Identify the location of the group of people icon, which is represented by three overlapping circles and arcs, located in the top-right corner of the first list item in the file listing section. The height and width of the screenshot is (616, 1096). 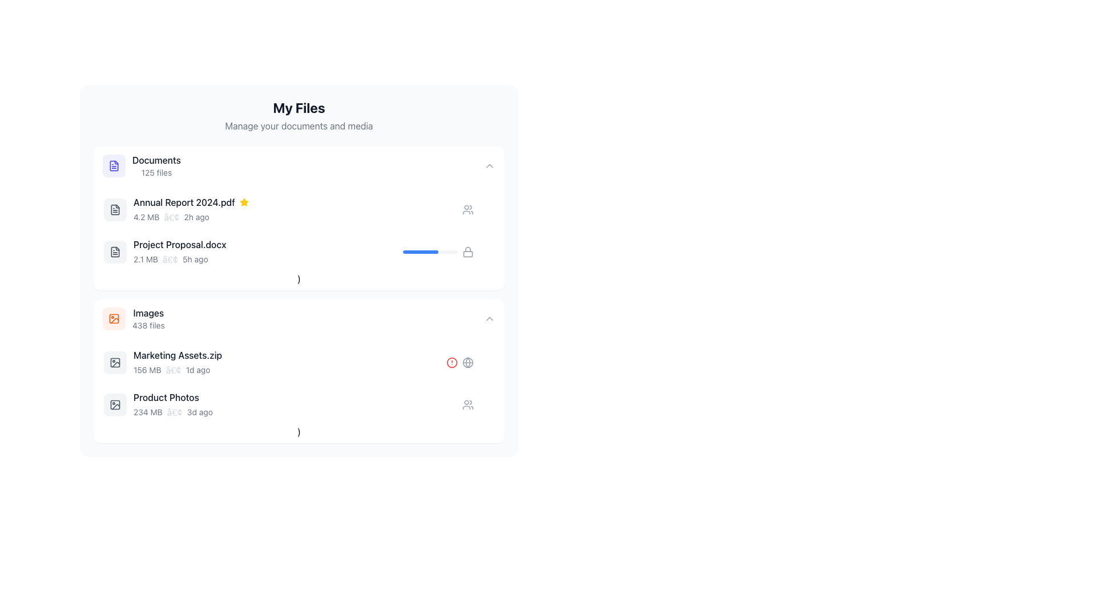
(468, 404).